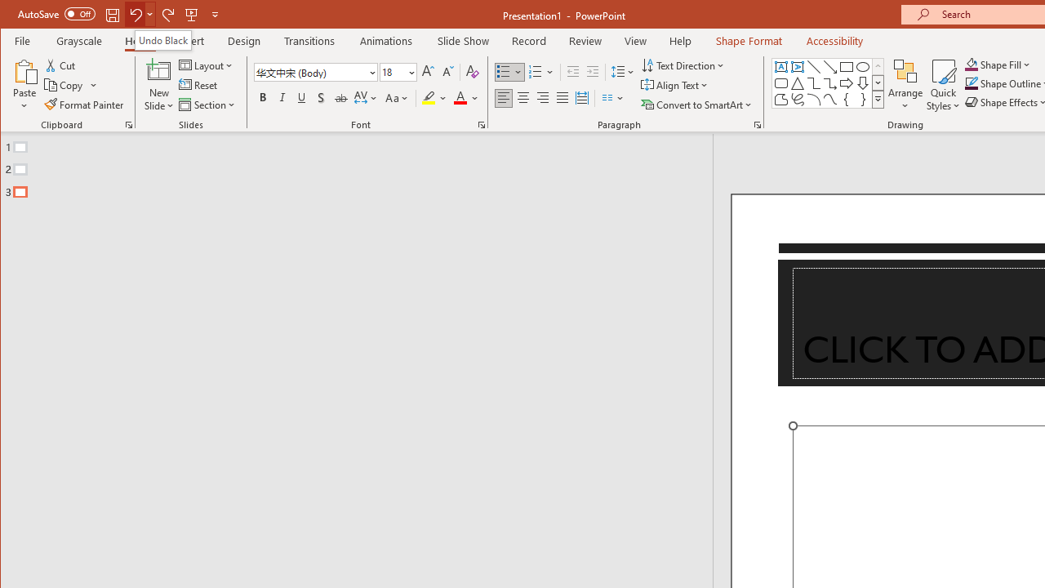  Describe the element at coordinates (623, 71) in the screenshot. I see `'Line Spacing'` at that location.